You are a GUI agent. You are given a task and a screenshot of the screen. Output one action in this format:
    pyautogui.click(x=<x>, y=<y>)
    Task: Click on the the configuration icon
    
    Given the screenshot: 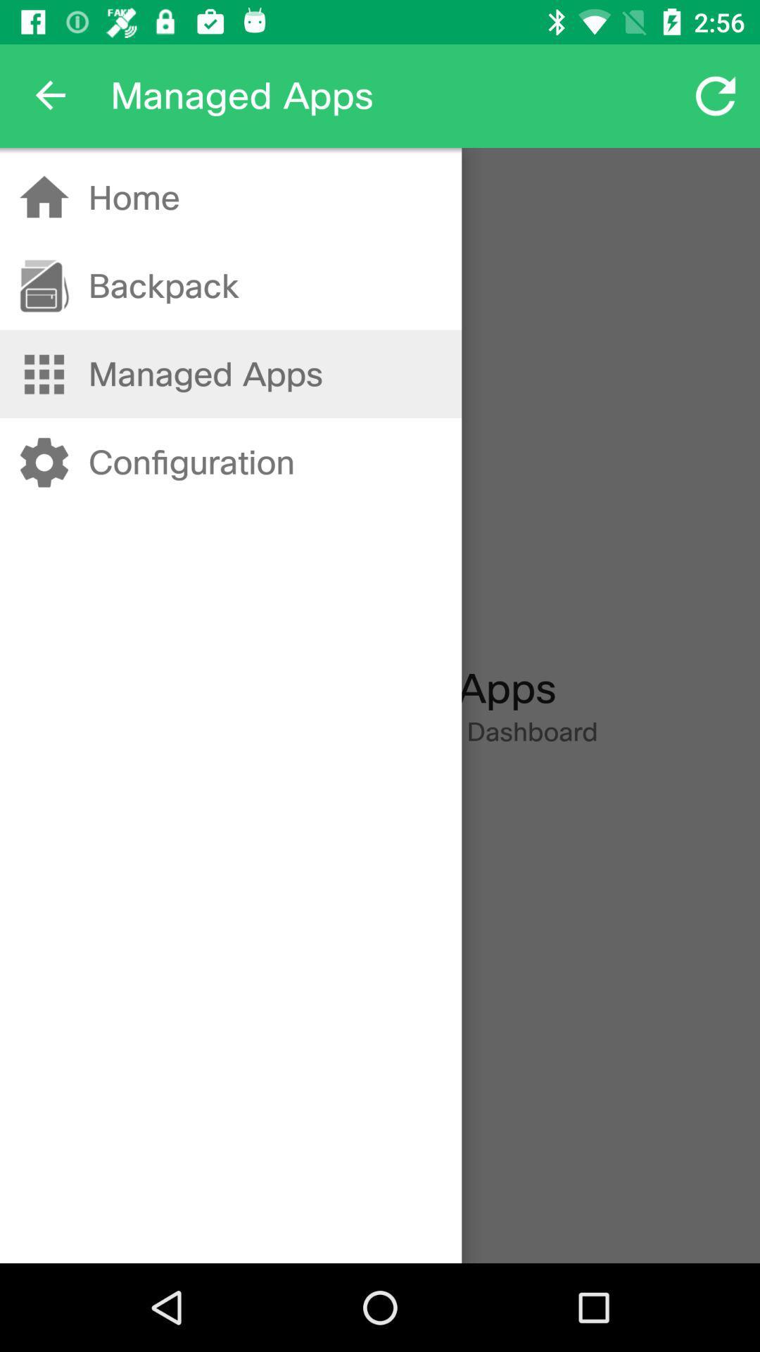 What is the action you would take?
    pyautogui.click(x=191, y=463)
    